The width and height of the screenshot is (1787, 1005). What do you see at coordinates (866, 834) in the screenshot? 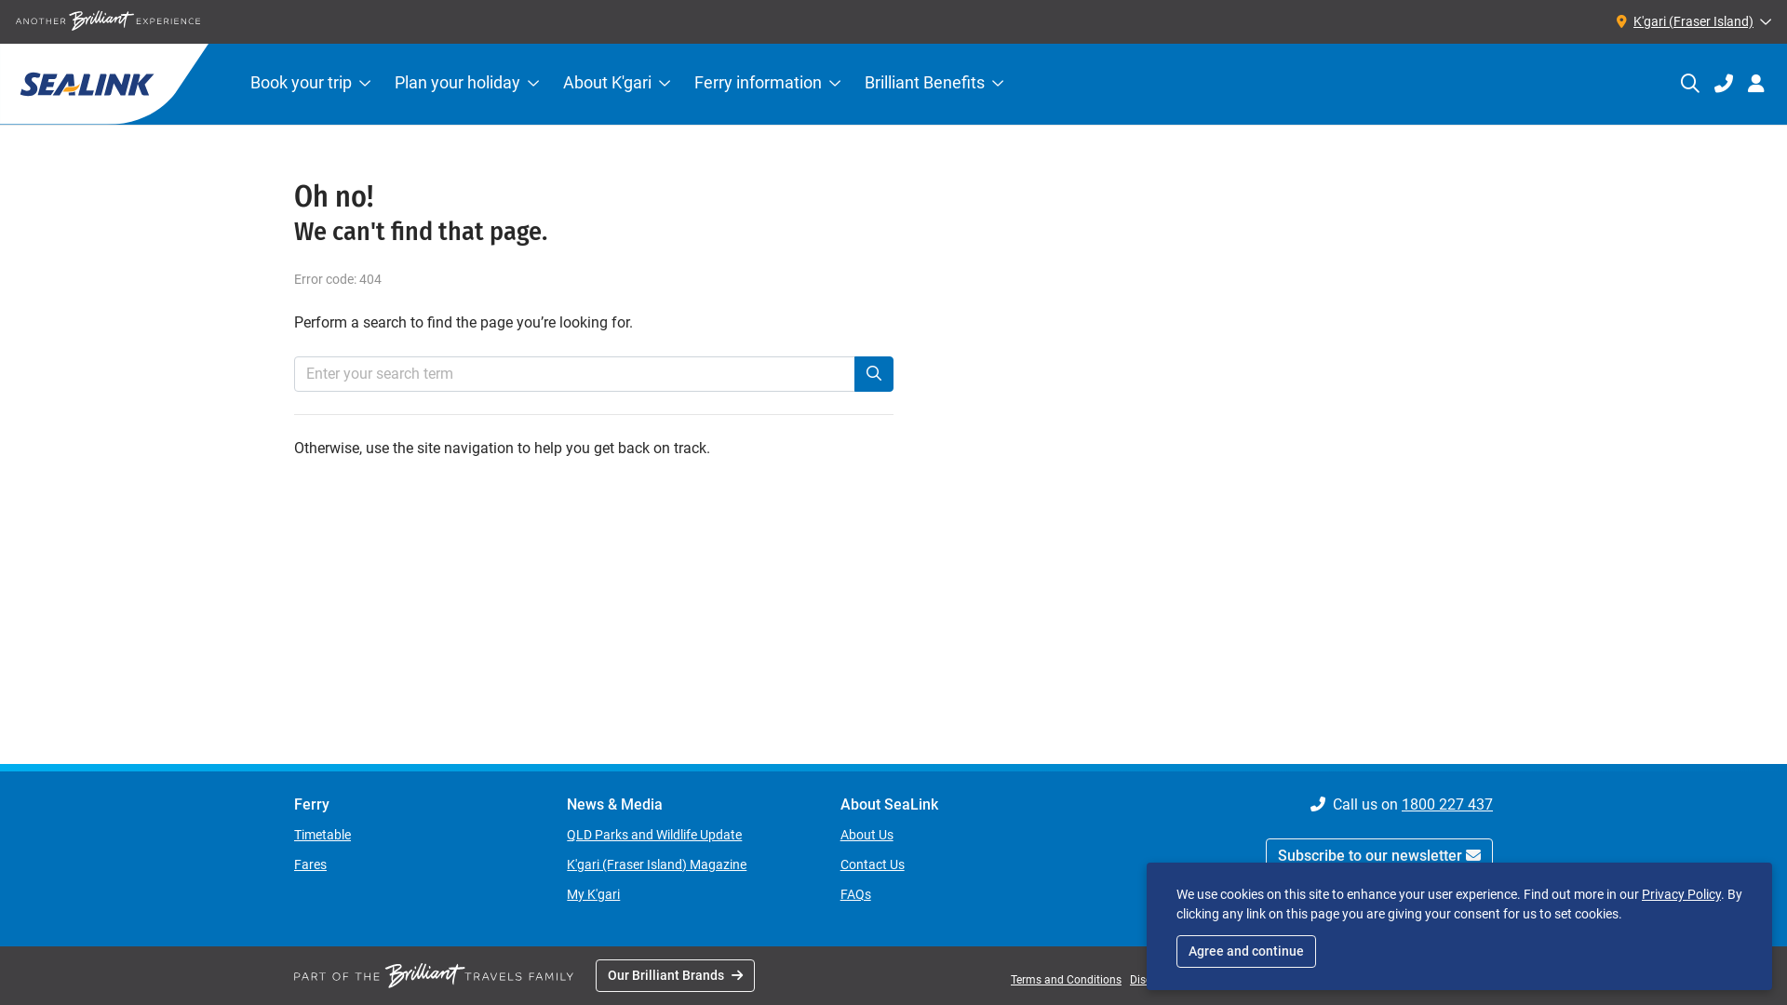
I see `'About Us'` at bounding box center [866, 834].